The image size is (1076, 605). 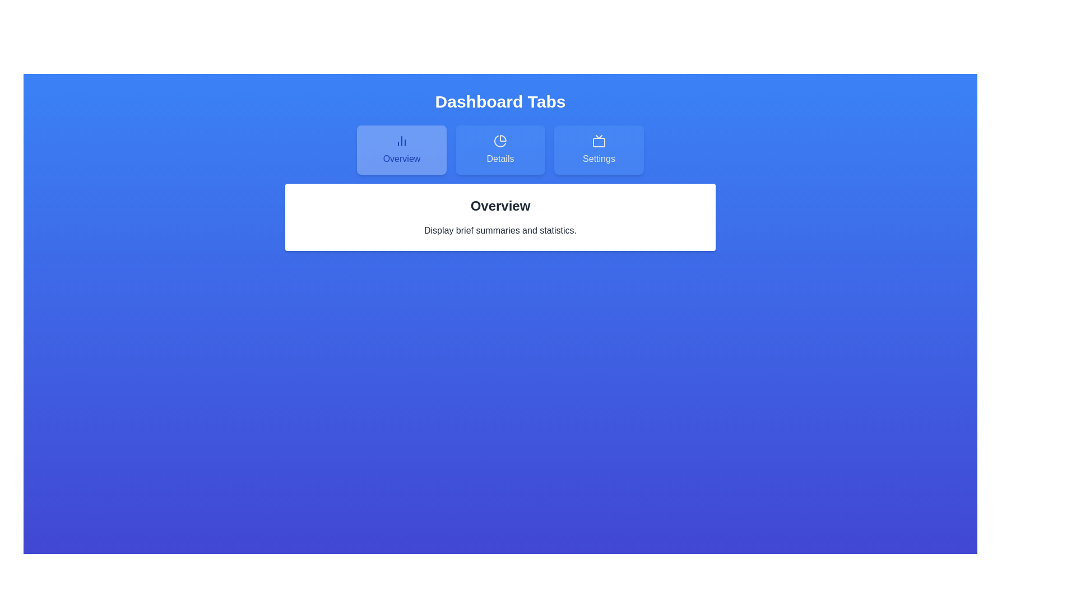 What do you see at coordinates (499, 149) in the screenshot?
I see `the tab button labeled Details to view its hover effect` at bounding box center [499, 149].